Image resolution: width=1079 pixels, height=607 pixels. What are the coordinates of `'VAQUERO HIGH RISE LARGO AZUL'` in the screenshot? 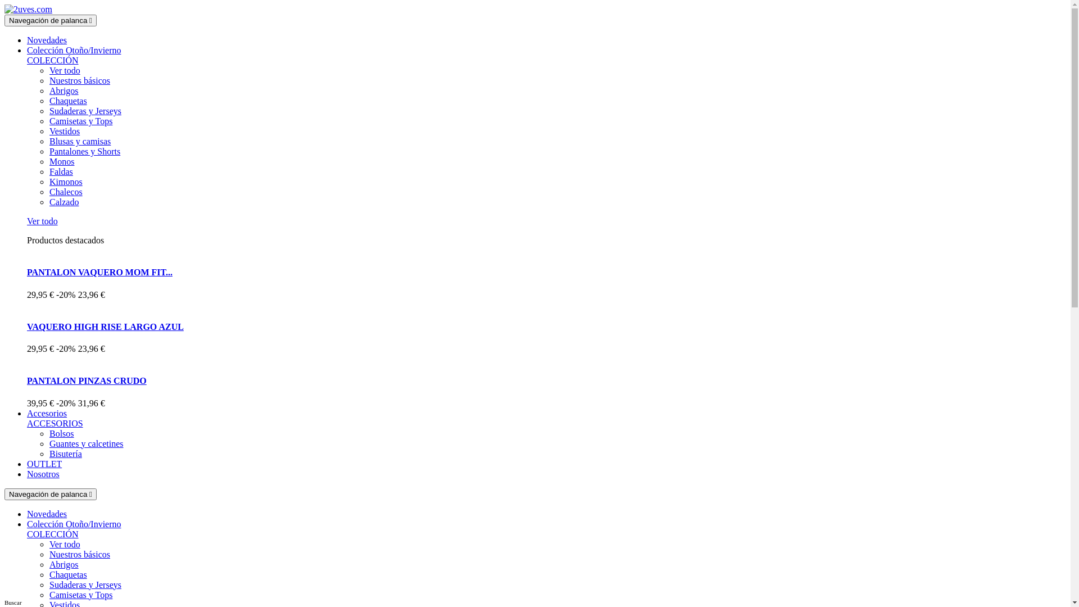 It's located at (105, 327).